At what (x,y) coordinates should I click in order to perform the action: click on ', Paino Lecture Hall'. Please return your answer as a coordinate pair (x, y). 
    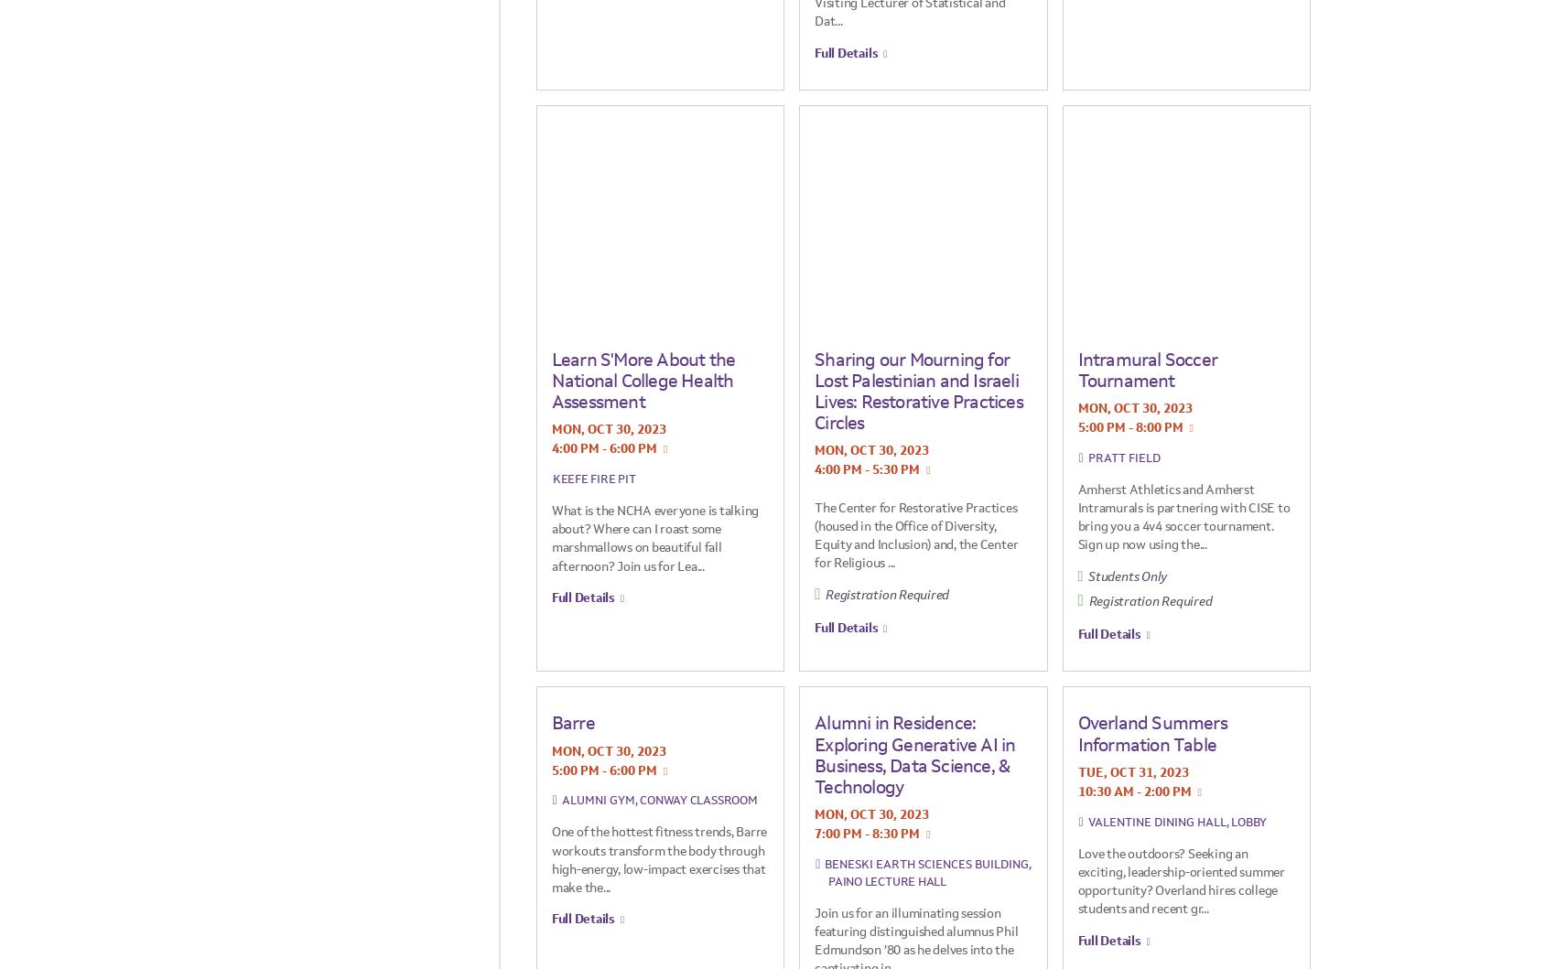
    Looking at the image, I should click on (928, 871).